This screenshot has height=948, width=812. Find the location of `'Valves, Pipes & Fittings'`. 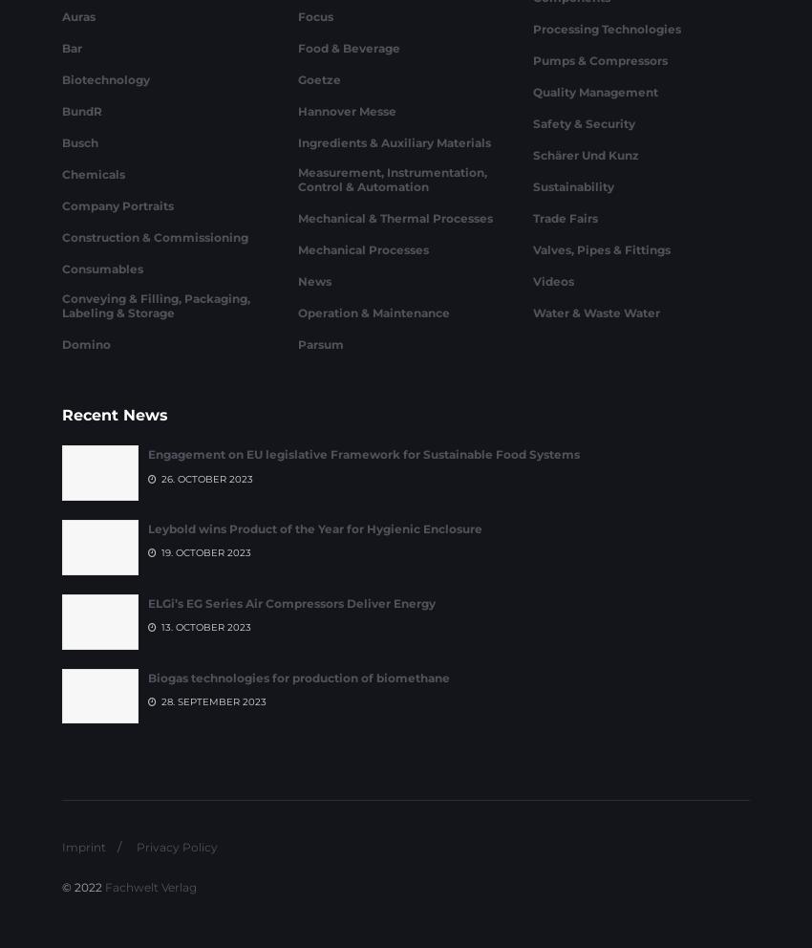

'Valves, Pipes & Fittings' is located at coordinates (601, 351).